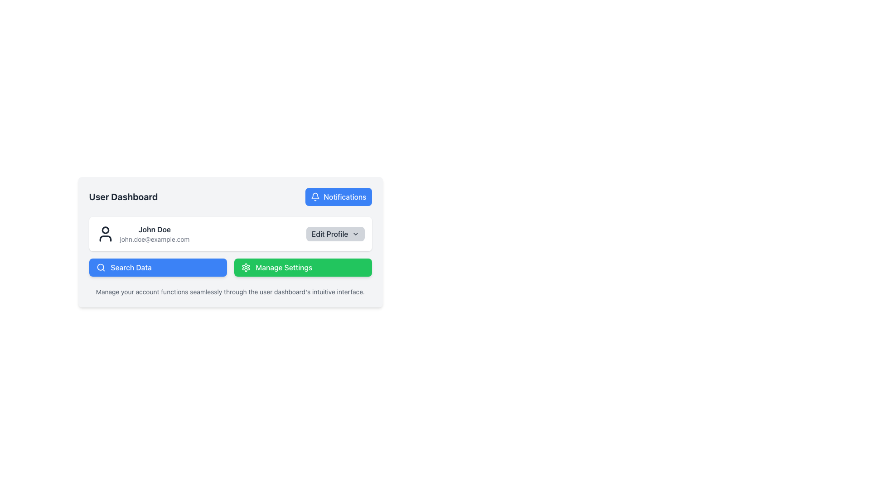 The image size is (870, 489). What do you see at coordinates (101, 267) in the screenshot?
I see `the search icon represented as a magnifying glass located within the 'Search Data' button on the dashboard, to the left of the 'Search Data' label text` at bounding box center [101, 267].